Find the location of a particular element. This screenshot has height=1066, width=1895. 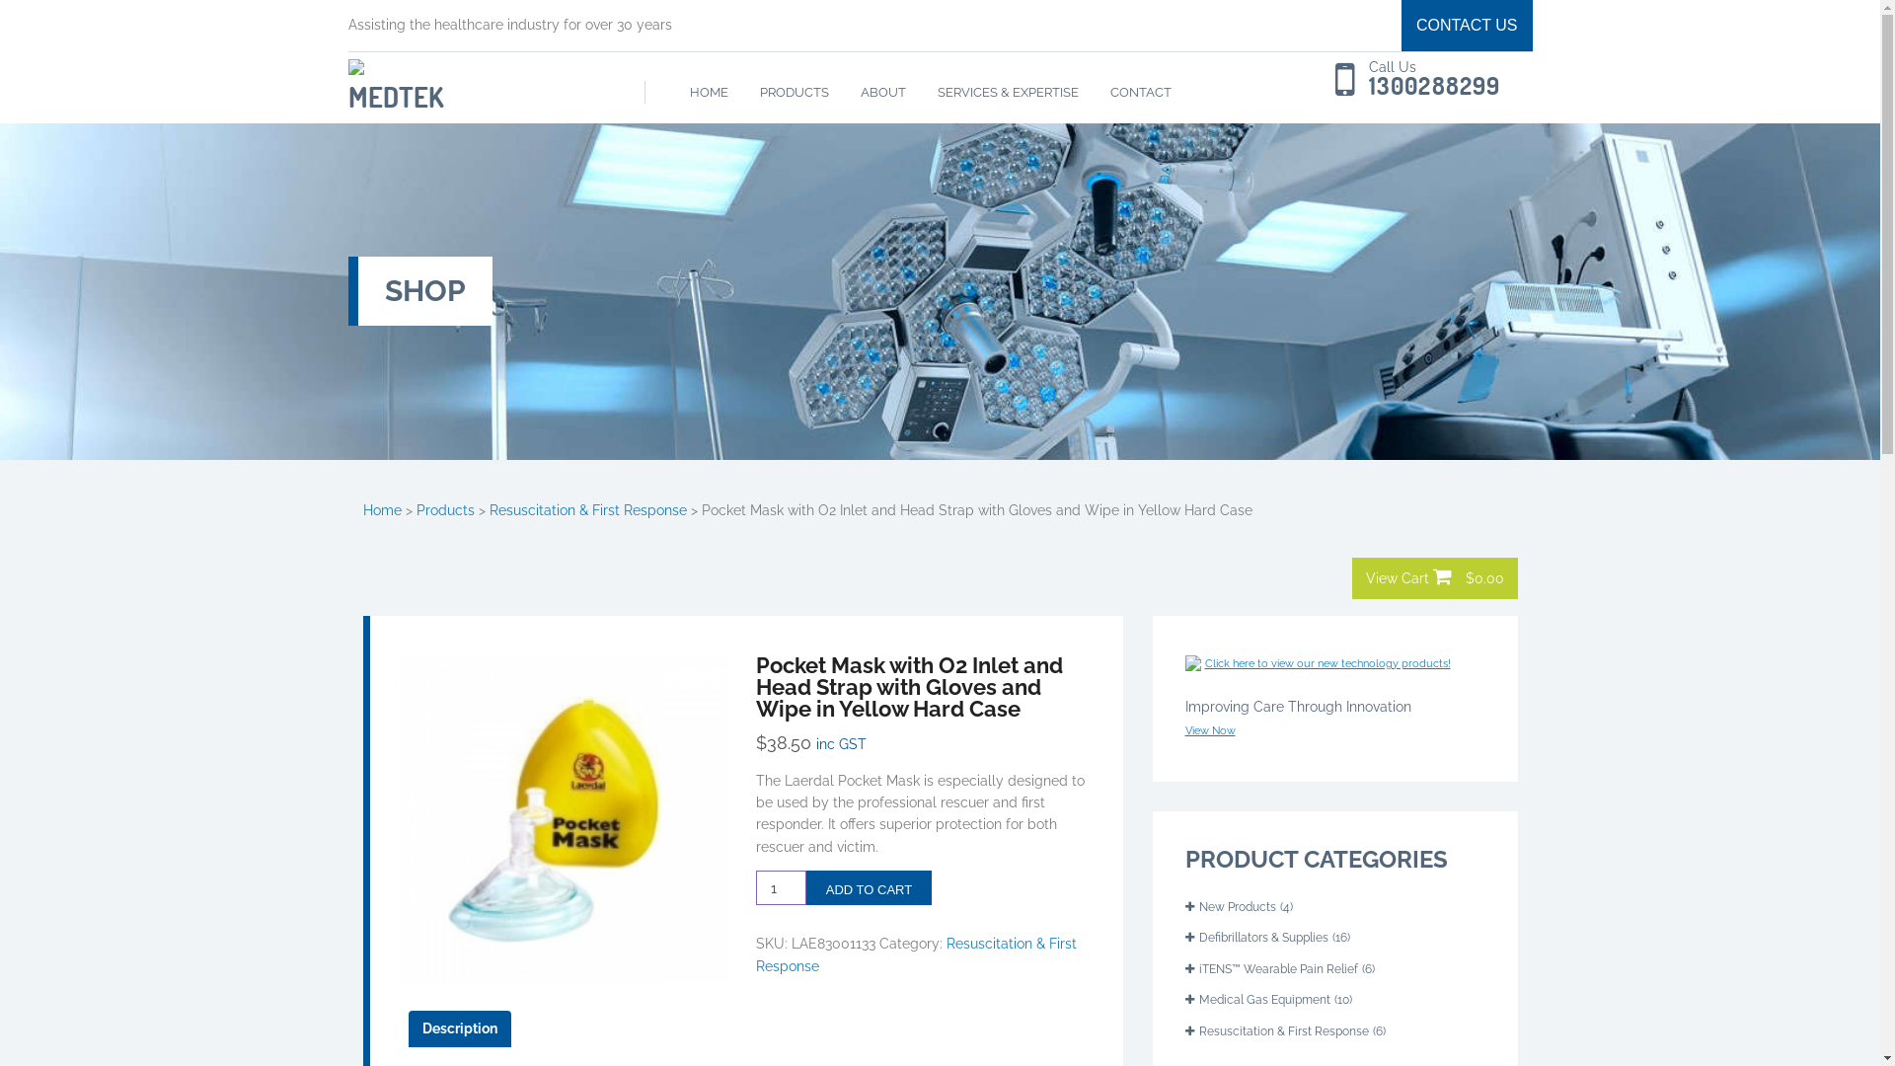

'Defibrillators & Supplies' is located at coordinates (1254, 936).